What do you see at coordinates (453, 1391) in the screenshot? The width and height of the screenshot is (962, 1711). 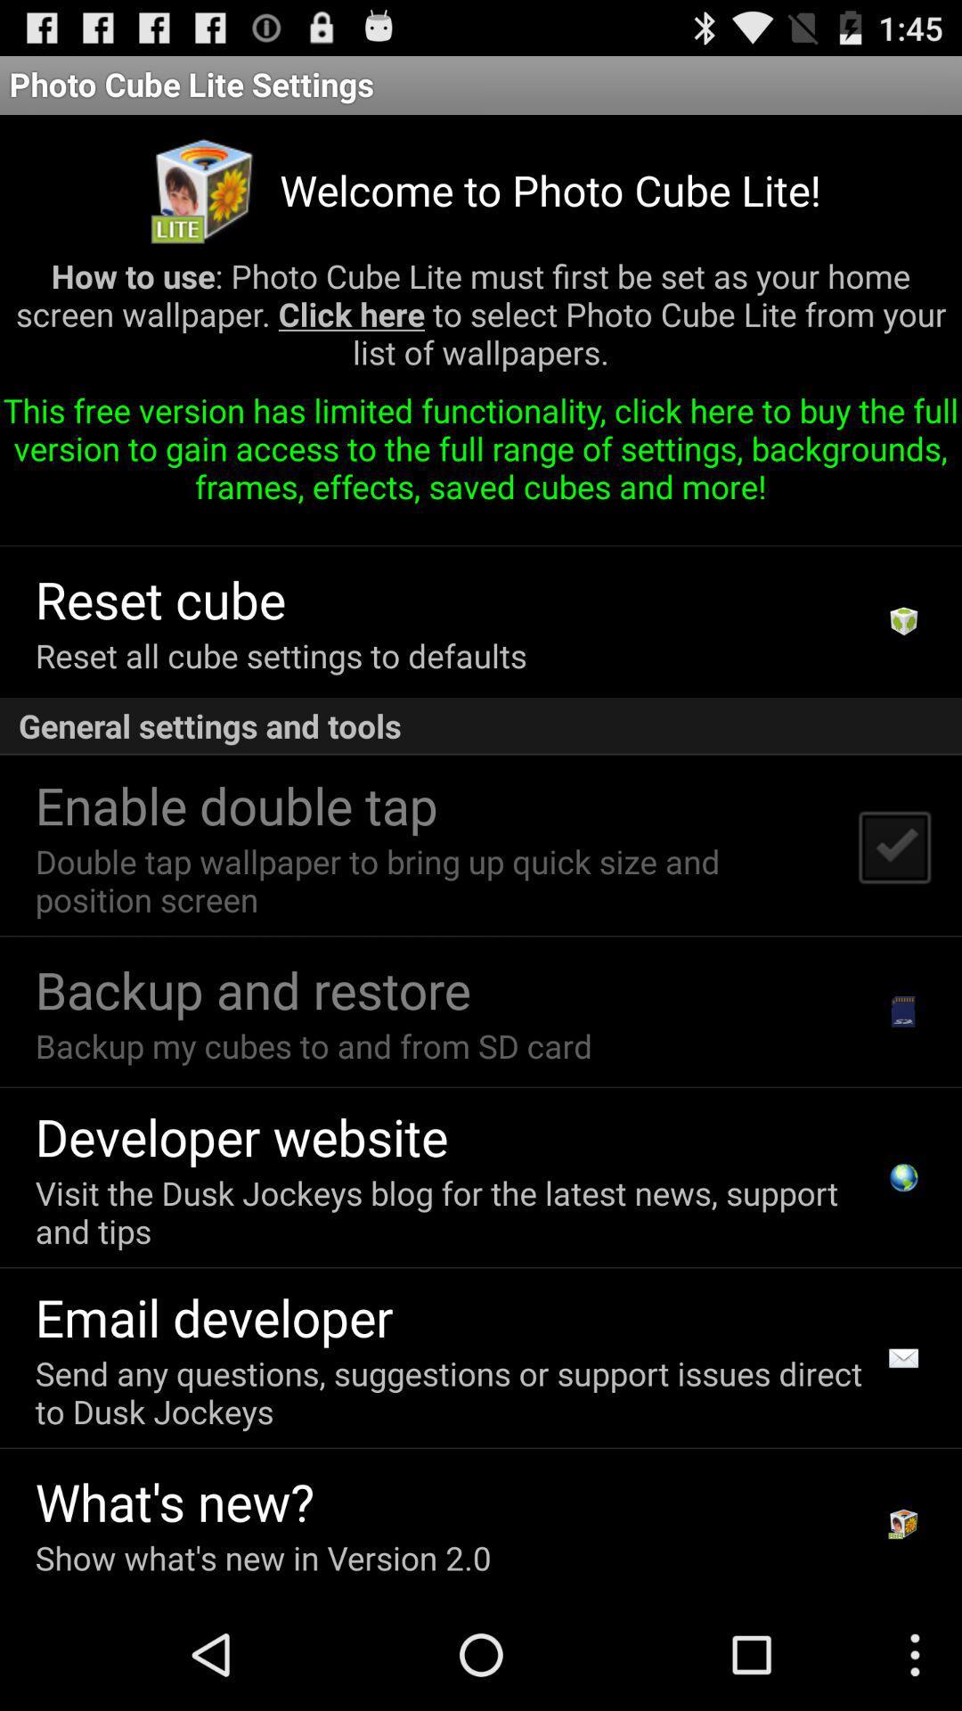 I see `the icon below email developer item` at bounding box center [453, 1391].